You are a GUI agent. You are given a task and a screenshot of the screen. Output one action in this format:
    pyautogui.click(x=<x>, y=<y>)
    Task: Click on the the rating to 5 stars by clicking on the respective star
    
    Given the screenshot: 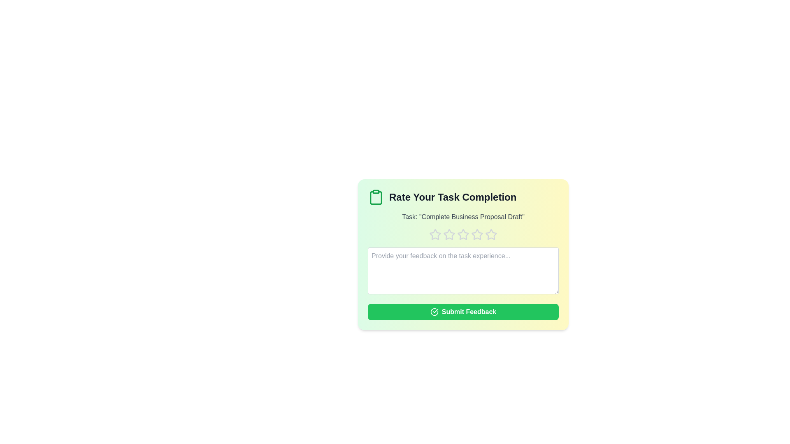 What is the action you would take?
    pyautogui.click(x=491, y=234)
    